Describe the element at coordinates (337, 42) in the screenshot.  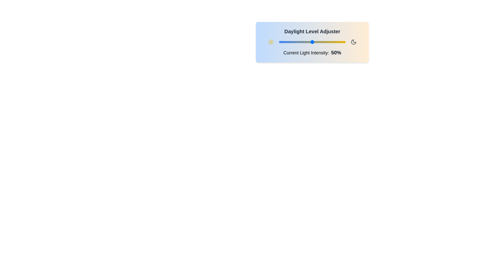
I see `the daylight slider to 87%` at that location.